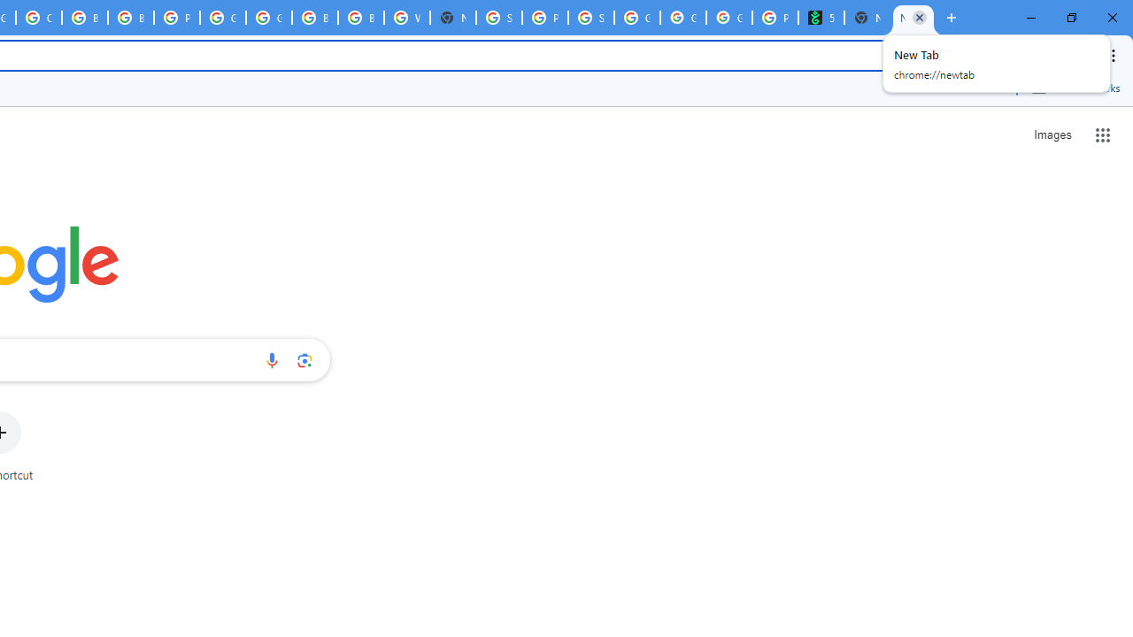 The height and width of the screenshot is (637, 1133). Describe the element at coordinates (1114, 54) in the screenshot. I see `'Chrome'` at that location.